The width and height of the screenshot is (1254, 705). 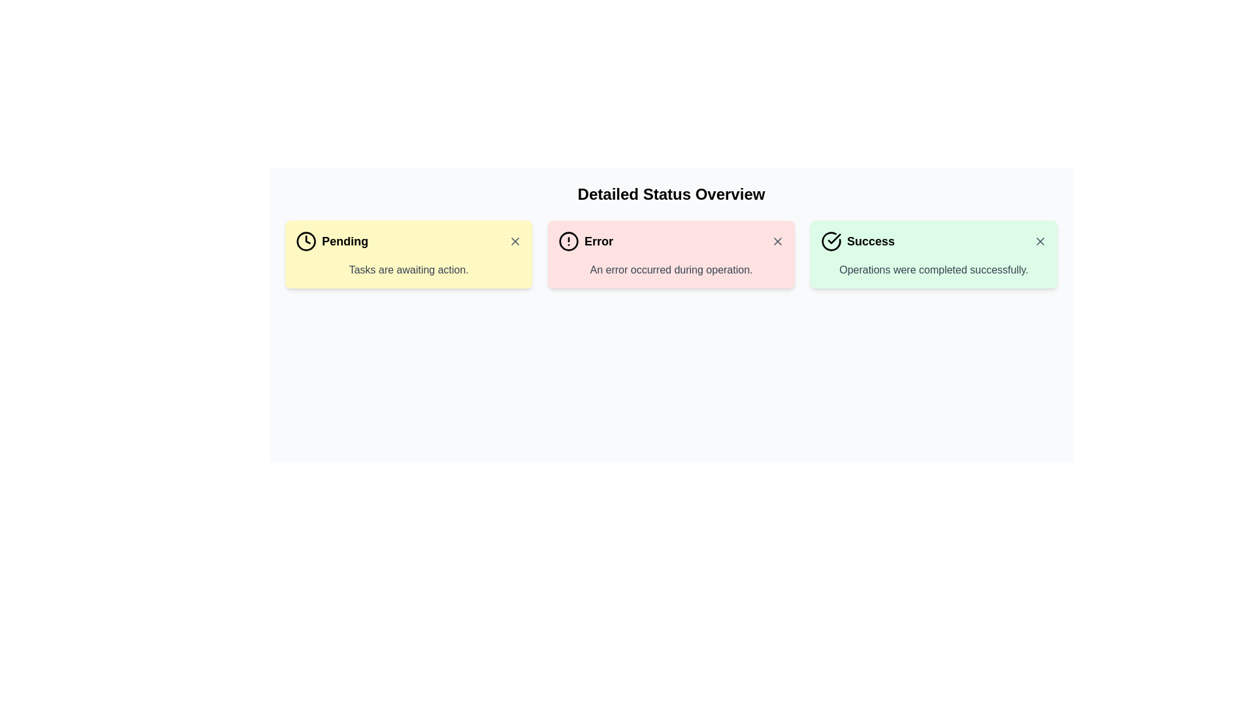 I want to click on the gray 'X' icon located at the top-right corner of the 'Pending' status card to observe its hover effect, so click(x=514, y=242).